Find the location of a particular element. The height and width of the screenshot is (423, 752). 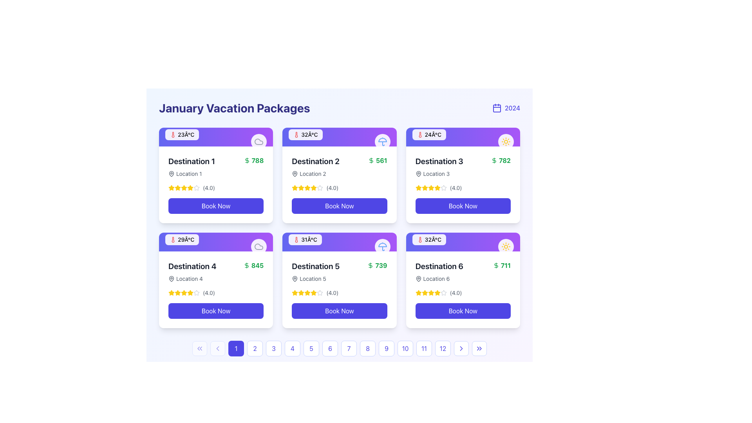

the Informational card for 'Destination 6', which is located in the bottom row, third column of a three-by-two grid layout is located at coordinates (463, 271).